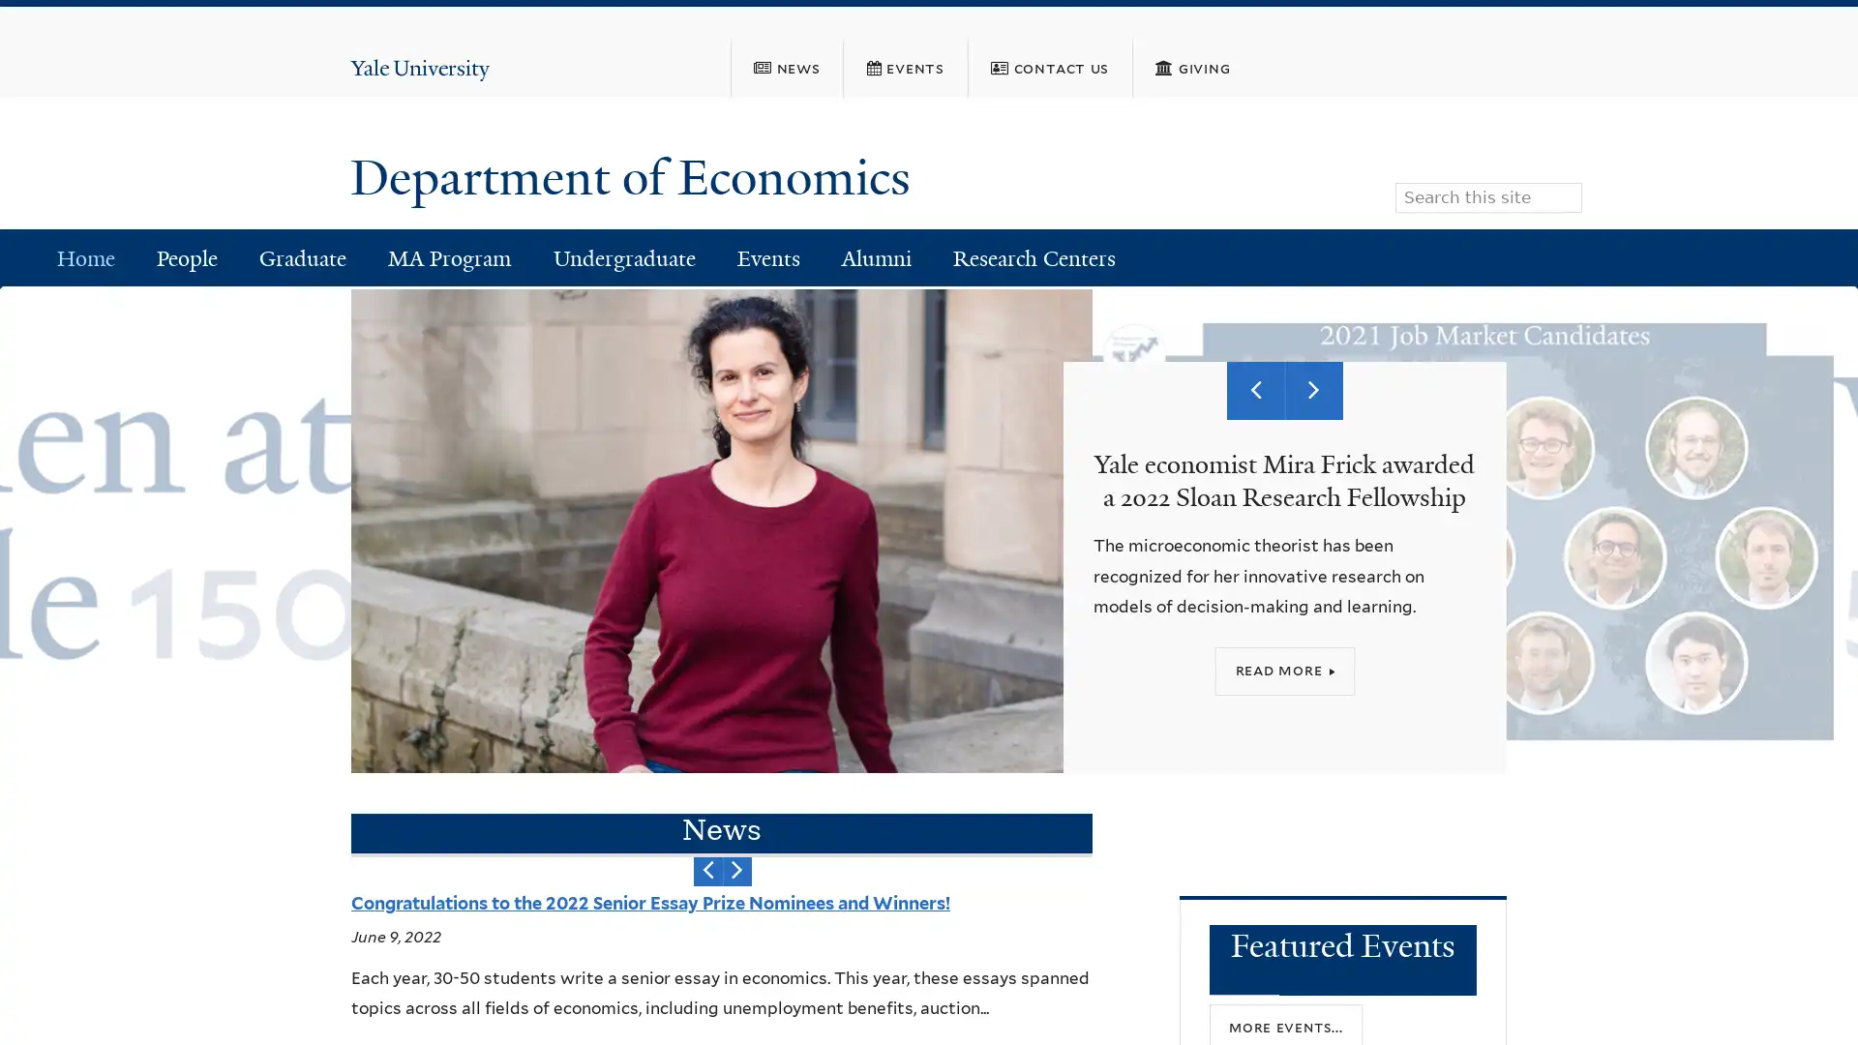 Image resolution: width=1858 pixels, height=1045 pixels. Describe the element at coordinates (1255, 389) in the screenshot. I see `previous` at that location.